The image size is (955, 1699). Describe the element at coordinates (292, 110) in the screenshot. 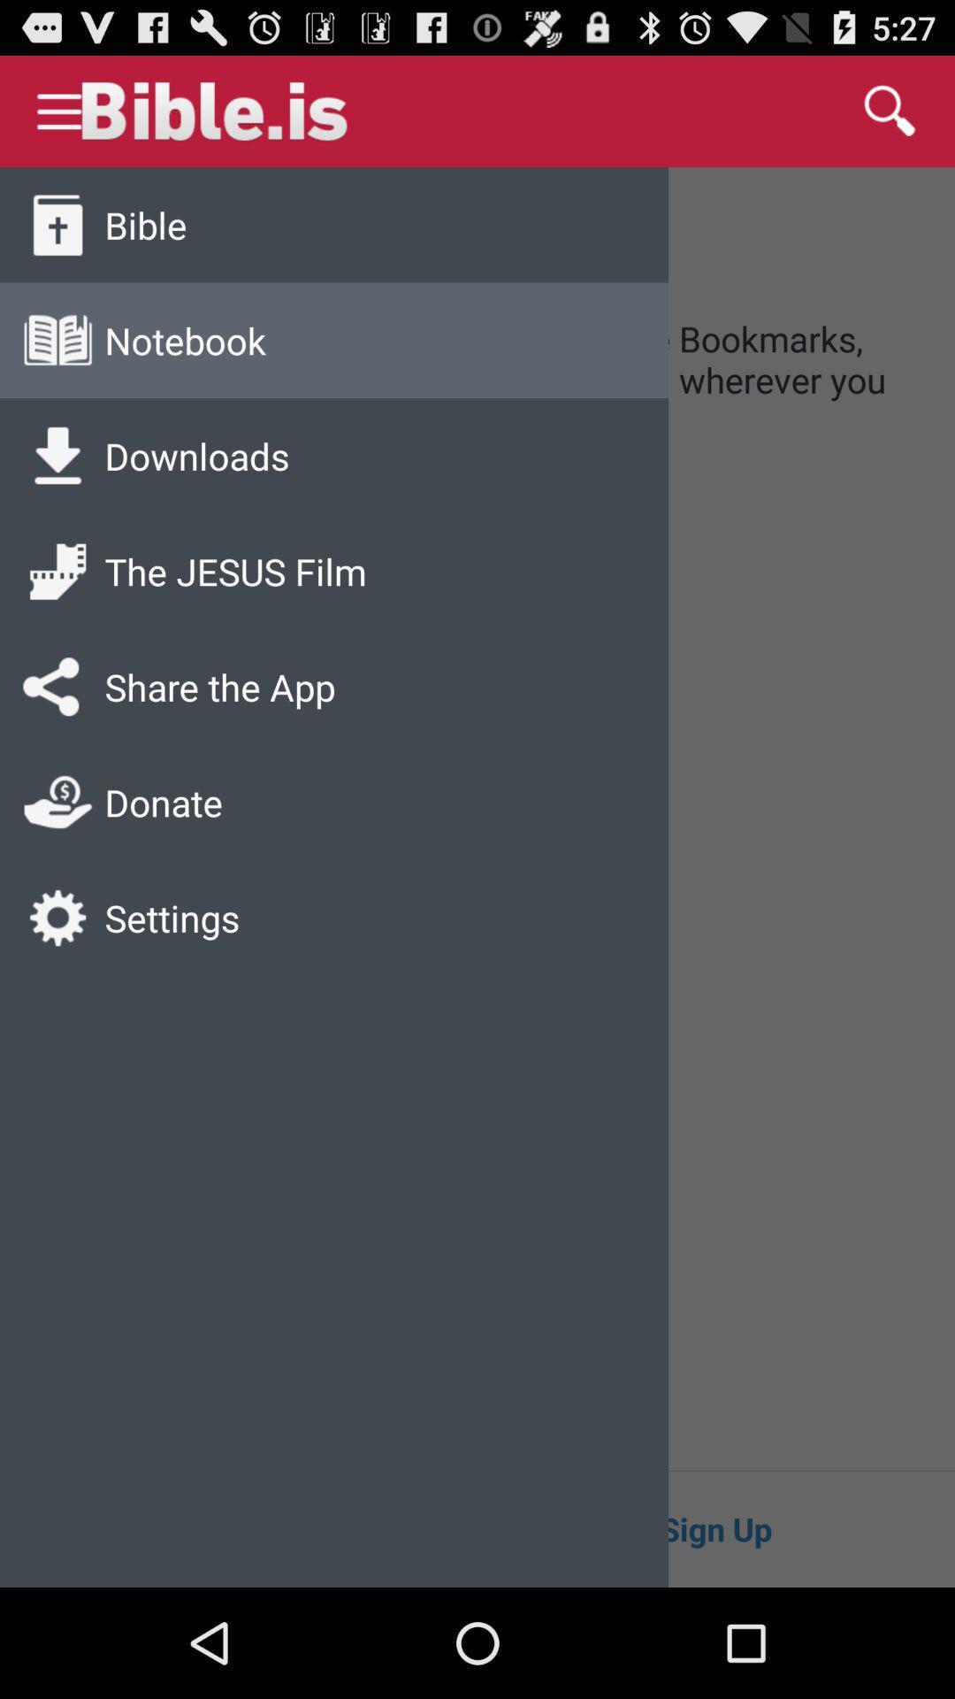

I see `bibleis` at that location.